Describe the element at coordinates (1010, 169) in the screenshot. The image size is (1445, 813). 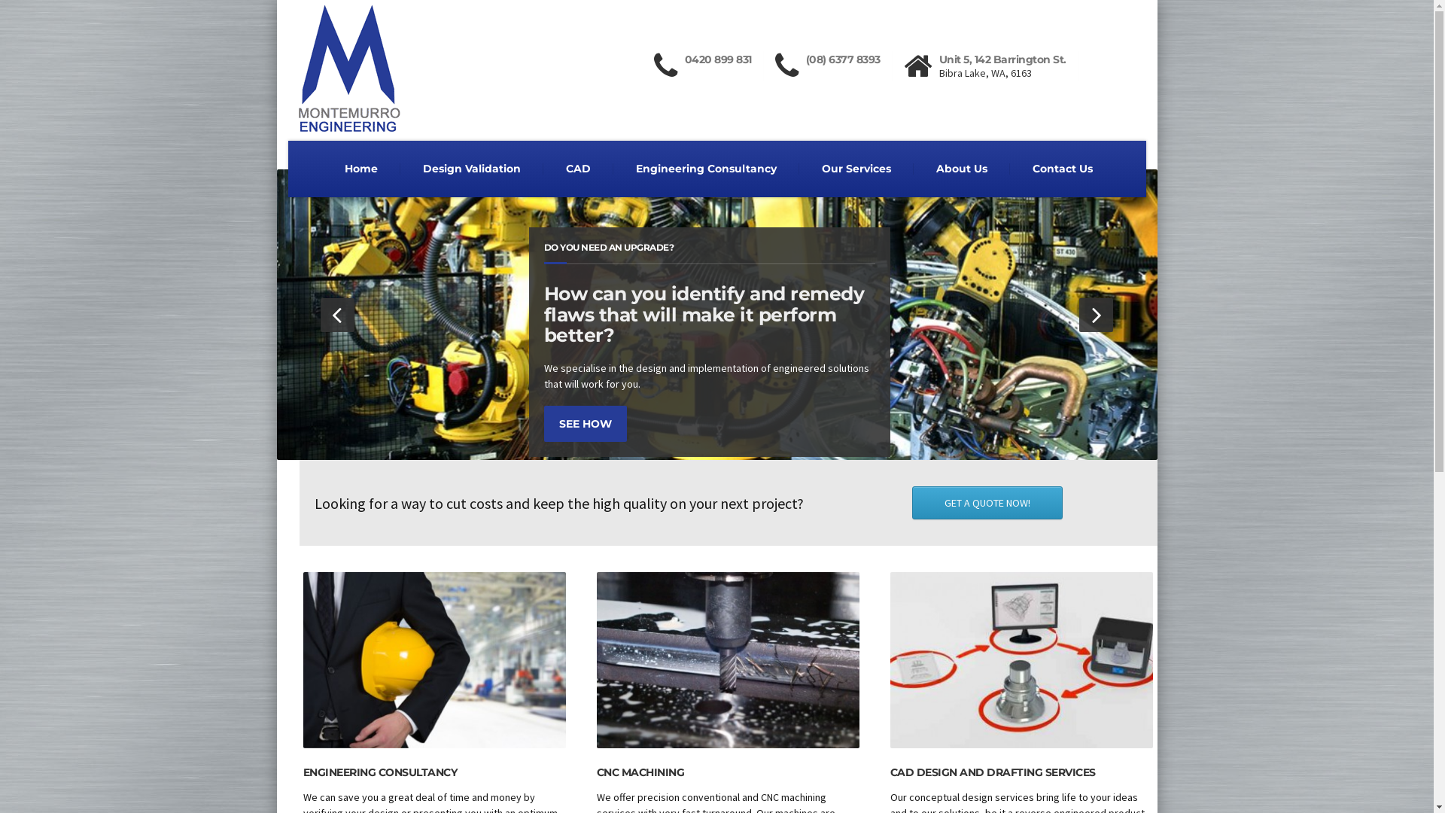
I see `'Contact Us'` at that location.